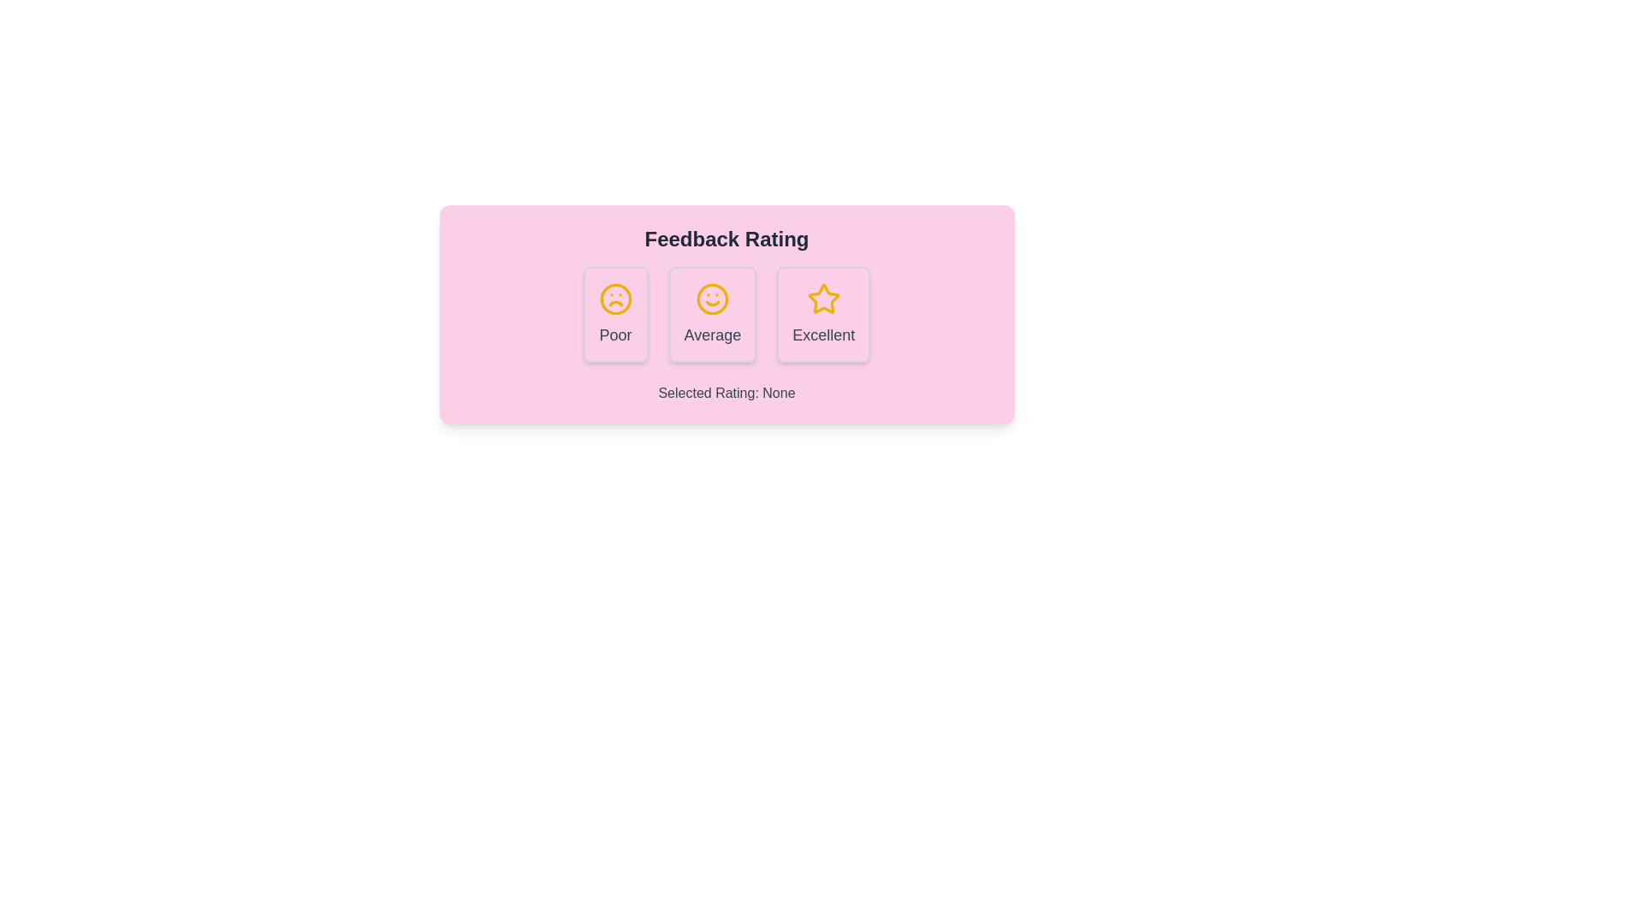 This screenshot has height=924, width=1643. Describe the element at coordinates (712, 299) in the screenshot. I see `the outer boundary circle of the smiley face symbol representing 'Average' in the feedback rating system` at that location.